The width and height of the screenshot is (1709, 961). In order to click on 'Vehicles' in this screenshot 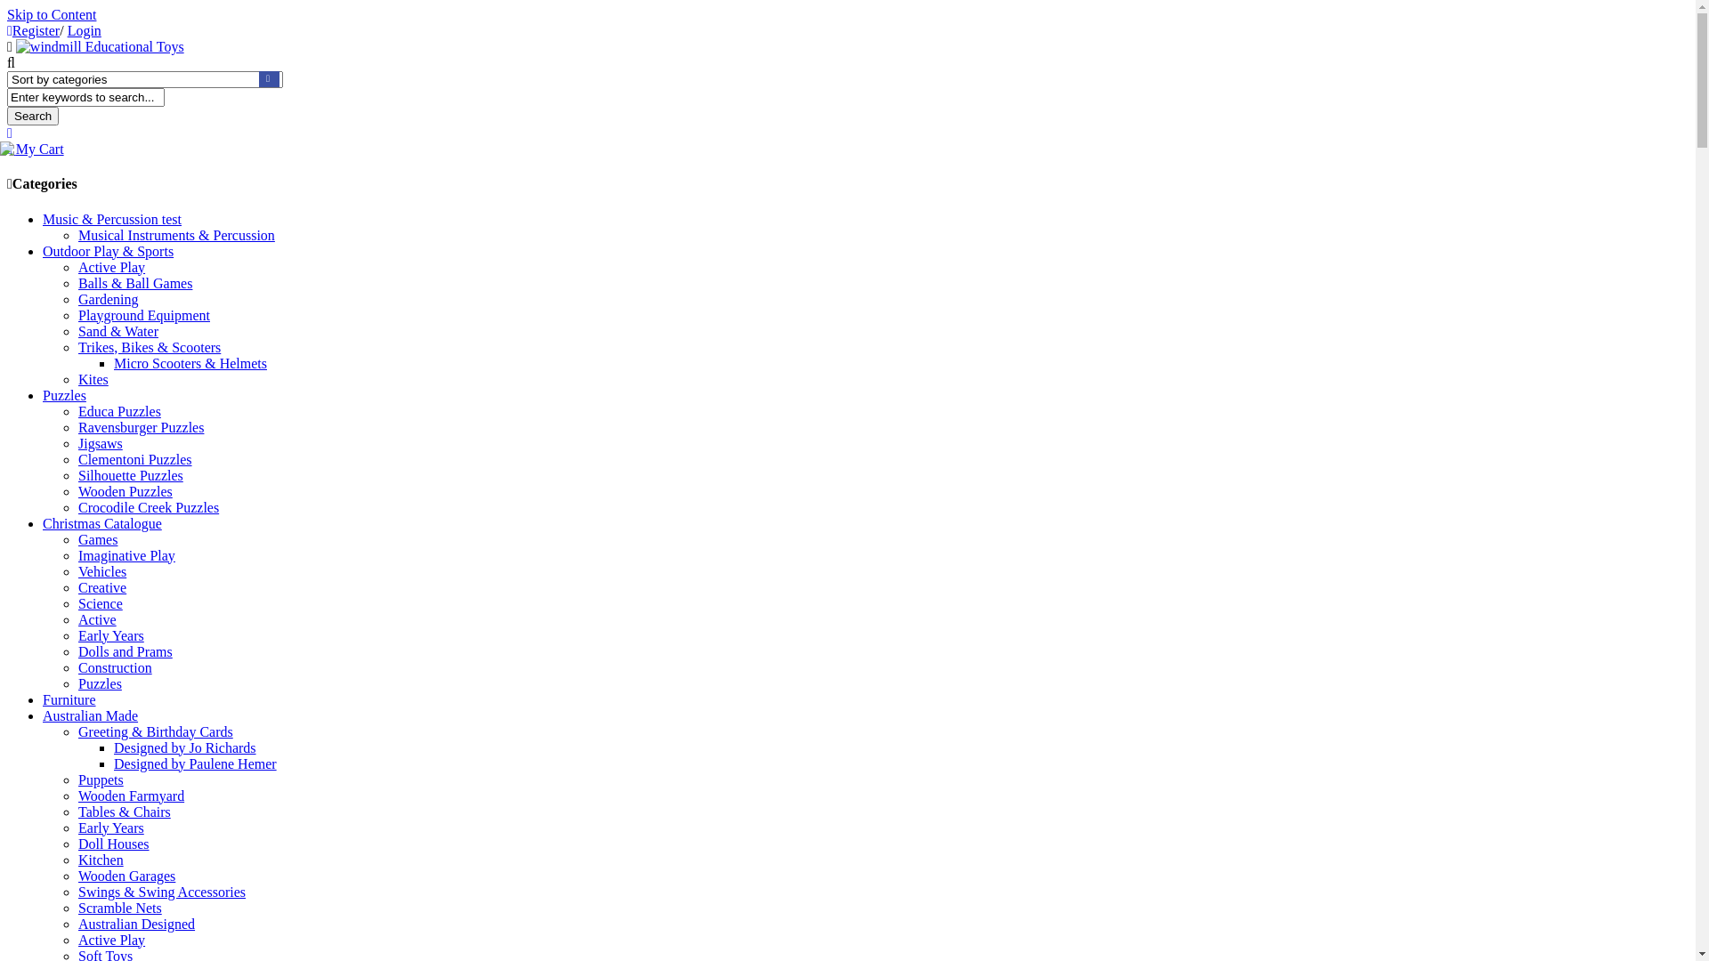, I will do `click(101, 571)`.